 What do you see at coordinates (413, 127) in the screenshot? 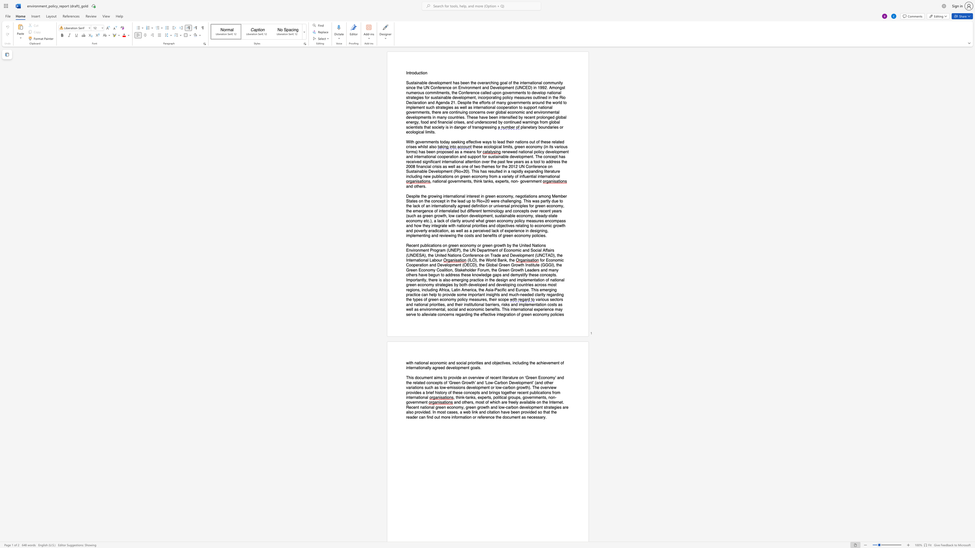
I see `the subset text "ntists that society is in danger of transgr" within the text "and financial crises, and underscored by continued warnings from global scientists that society is in danger of transgressing"` at bounding box center [413, 127].